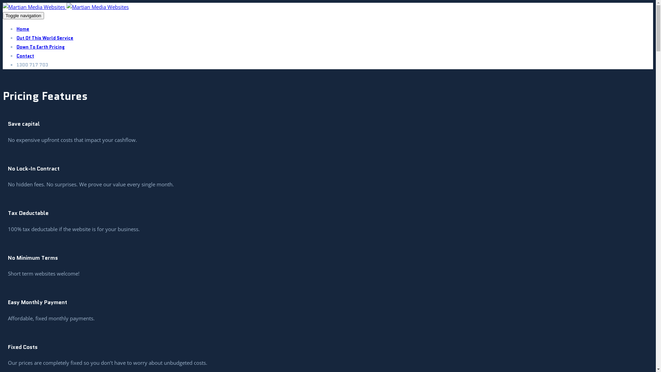  What do you see at coordinates (44, 38) in the screenshot?
I see `'Out Of This World Service'` at bounding box center [44, 38].